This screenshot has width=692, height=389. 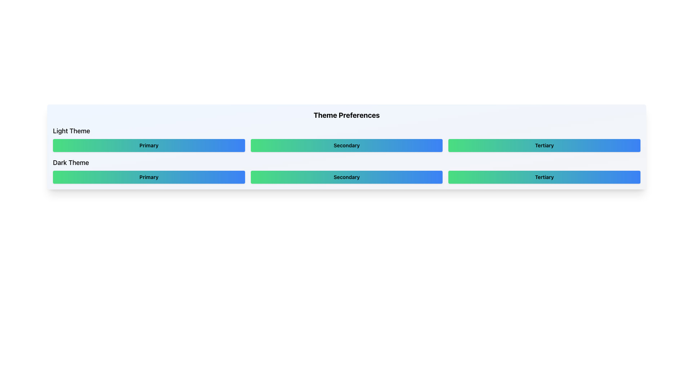 What do you see at coordinates (544, 146) in the screenshot?
I see `the 'Tertiary' button, which is the rightmost button in a horizontal grid layout of three buttons` at bounding box center [544, 146].